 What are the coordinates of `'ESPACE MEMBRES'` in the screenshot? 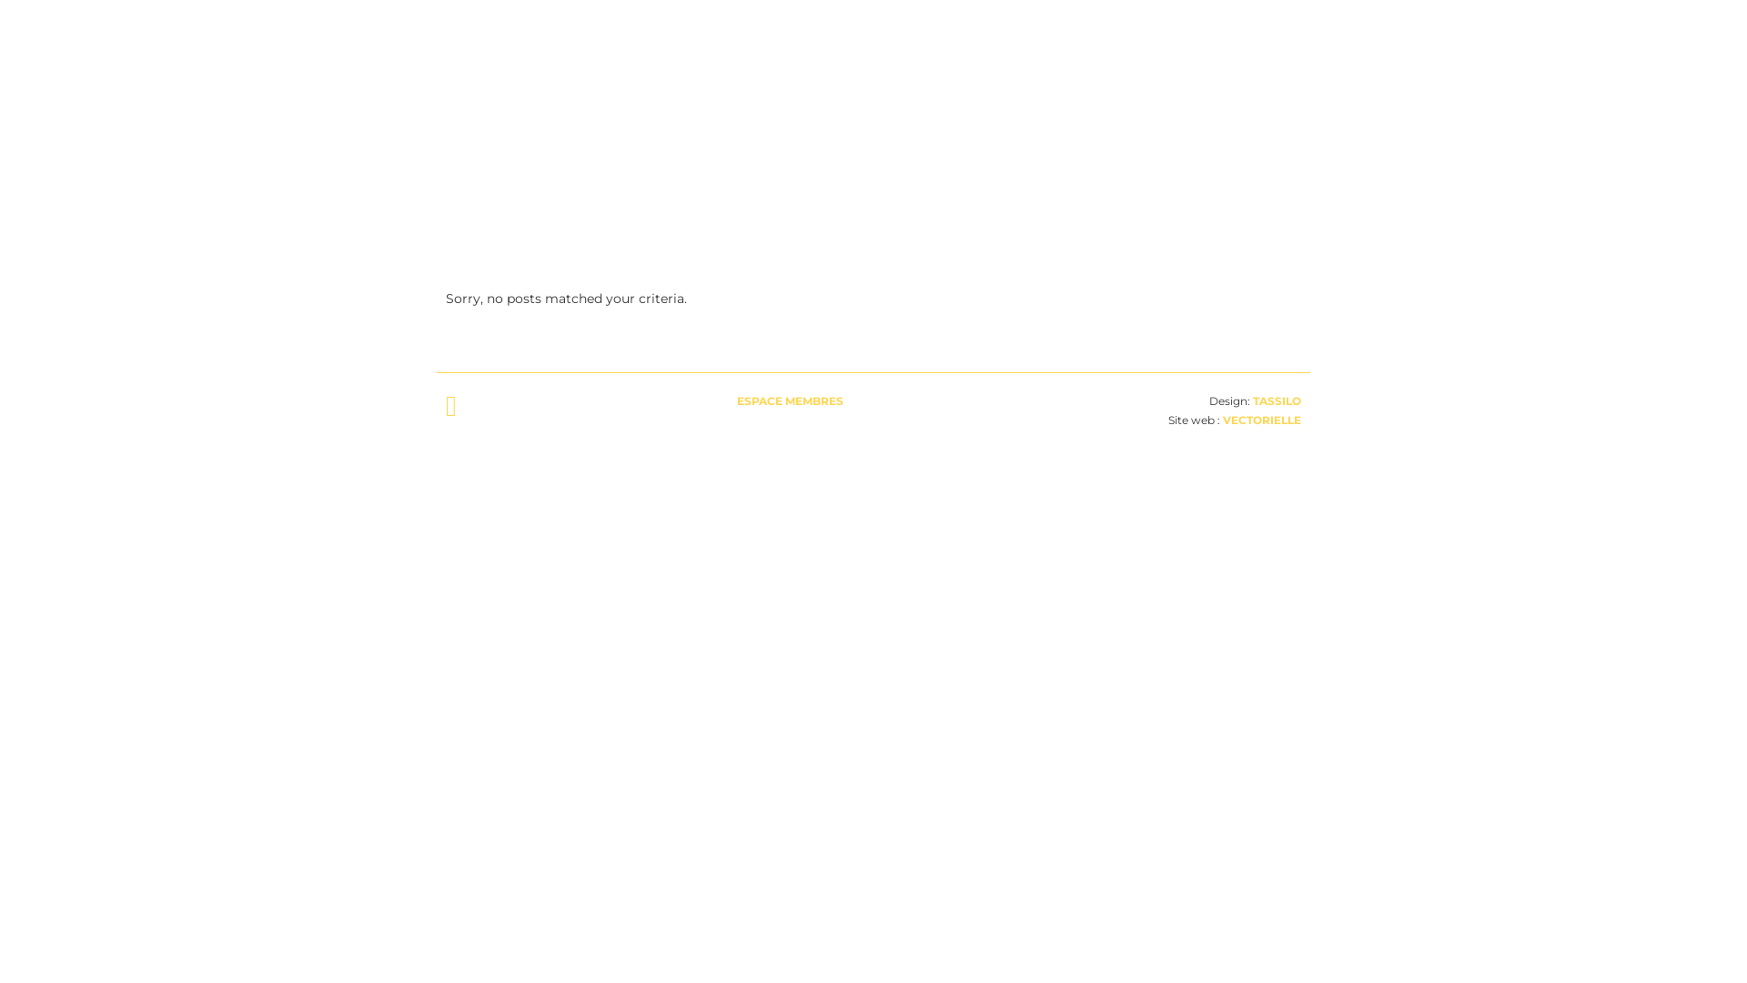 It's located at (790, 400).